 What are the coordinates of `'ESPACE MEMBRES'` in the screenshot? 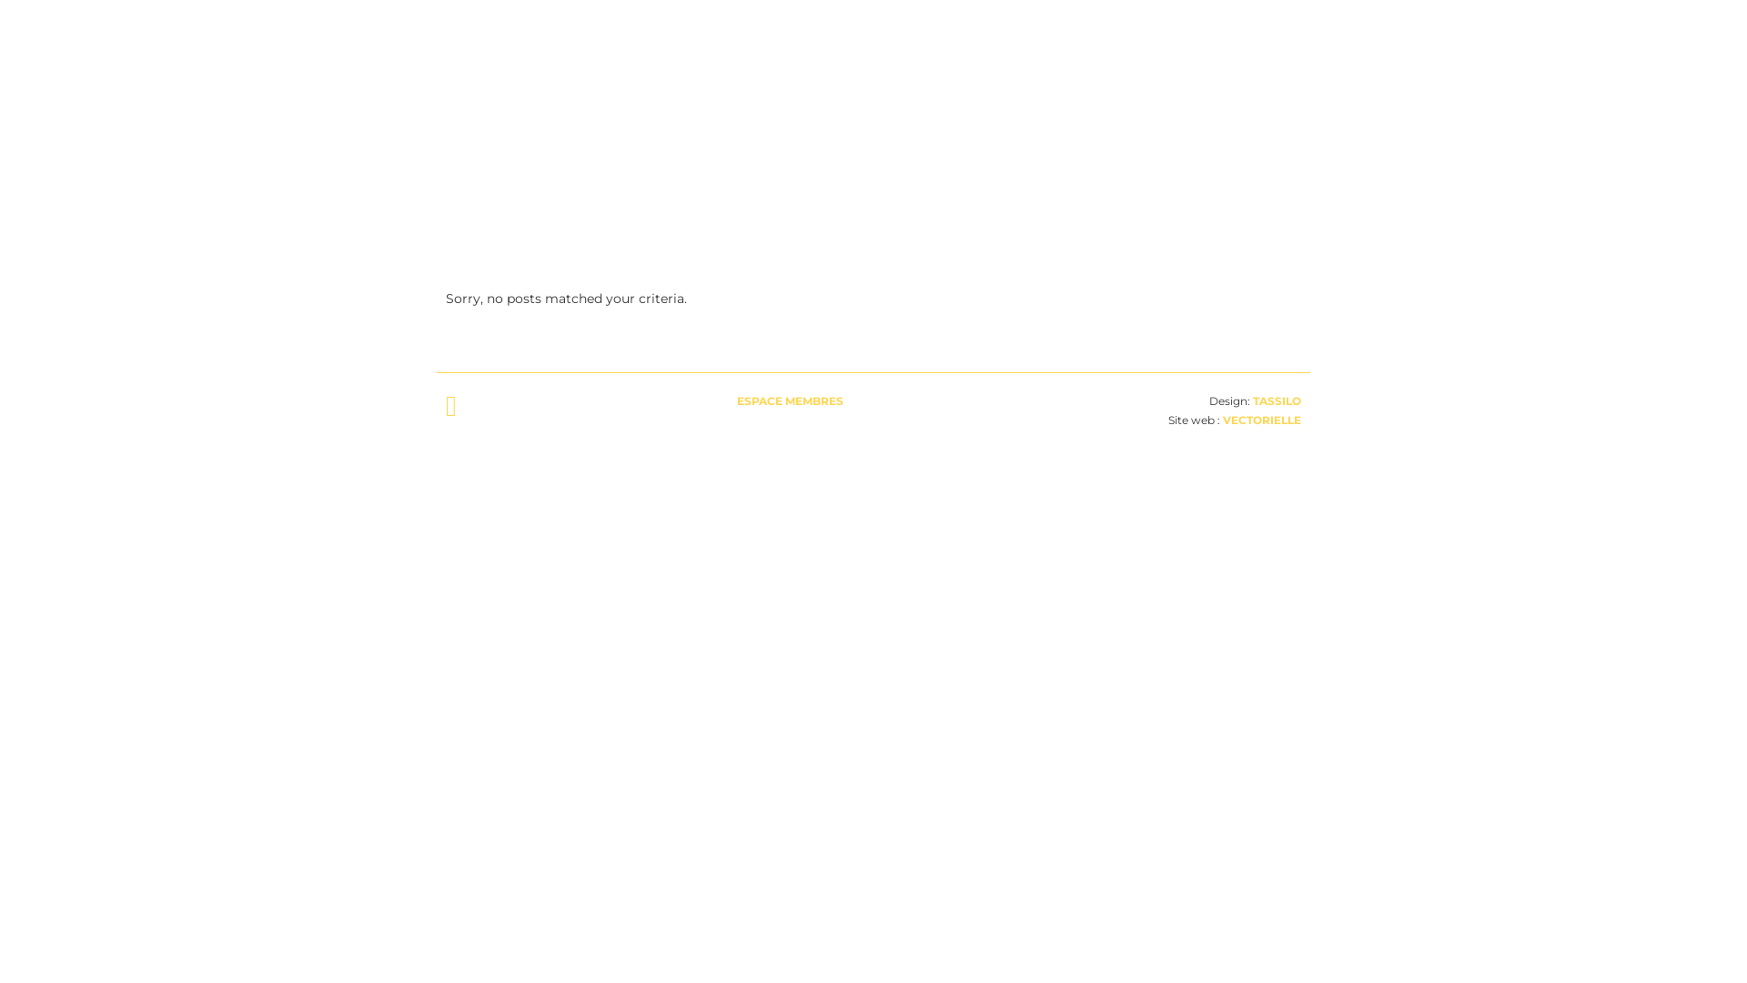 It's located at (790, 400).